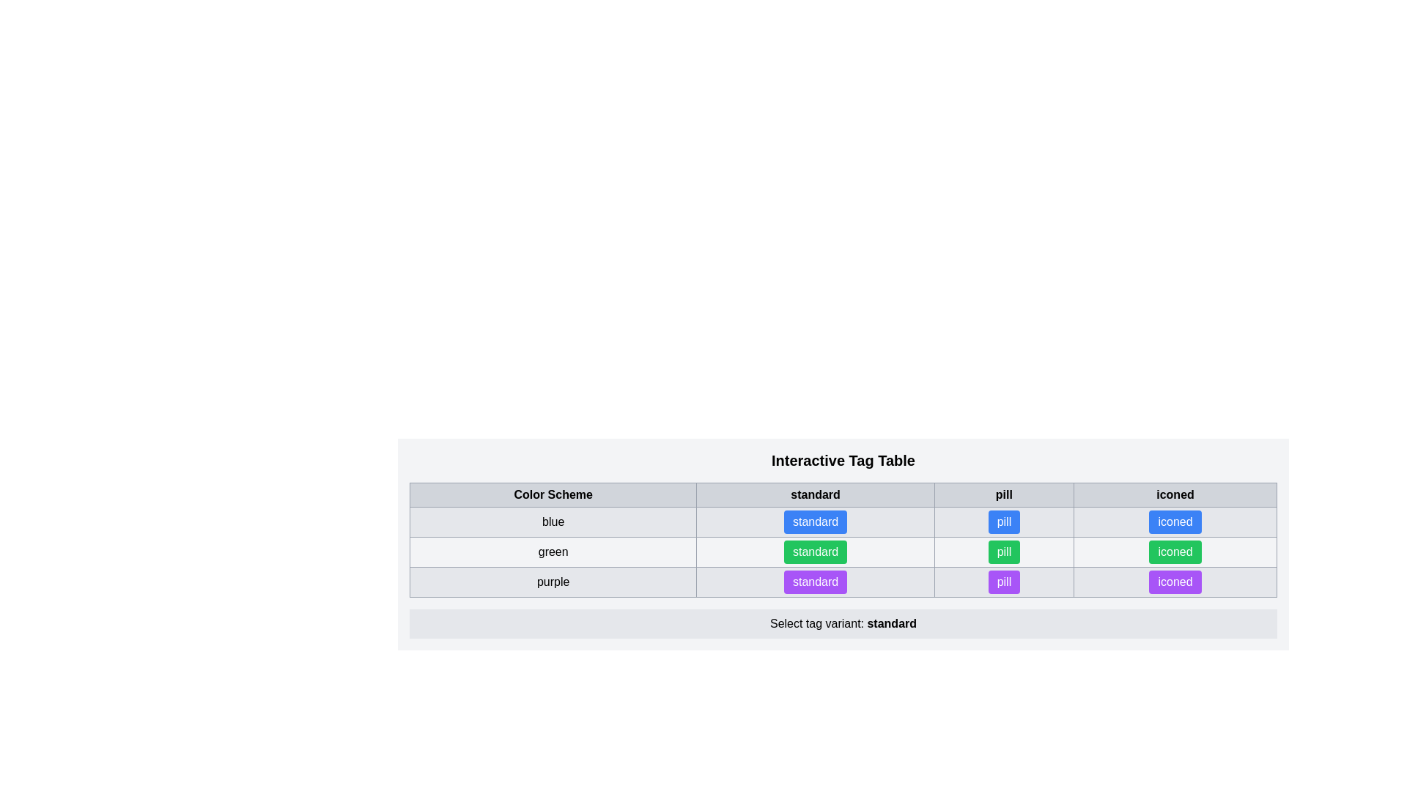 The image size is (1407, 791). I want to click on the static text label element displaying 'Color Scheme' which is positioned at the top left of a row of four elements, featuring a bold black font on a light gray background, so click(553, 494).